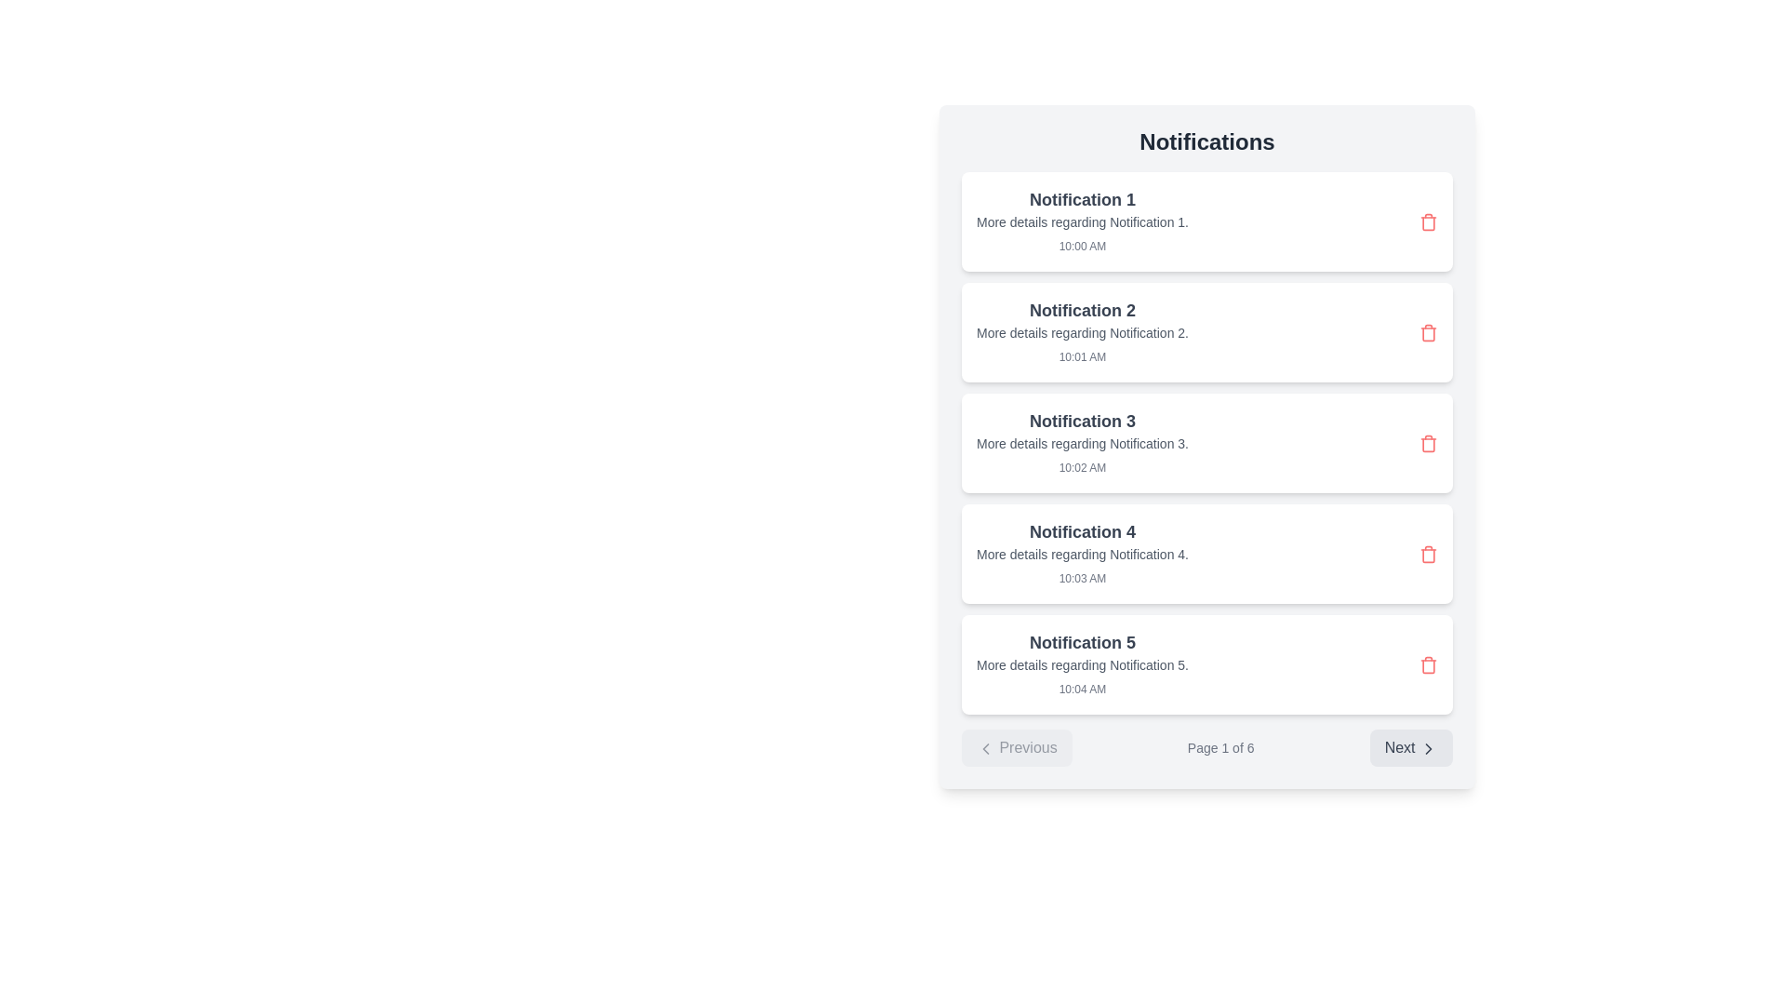 The height and width of the screenshot is (1005, 1786). Describe the element at coordinates (1083, 577) in the screenshot. I see `the label displaying '10:03 AM', which is located in the bottom-right section of the 'Notification 4' card` at that location.